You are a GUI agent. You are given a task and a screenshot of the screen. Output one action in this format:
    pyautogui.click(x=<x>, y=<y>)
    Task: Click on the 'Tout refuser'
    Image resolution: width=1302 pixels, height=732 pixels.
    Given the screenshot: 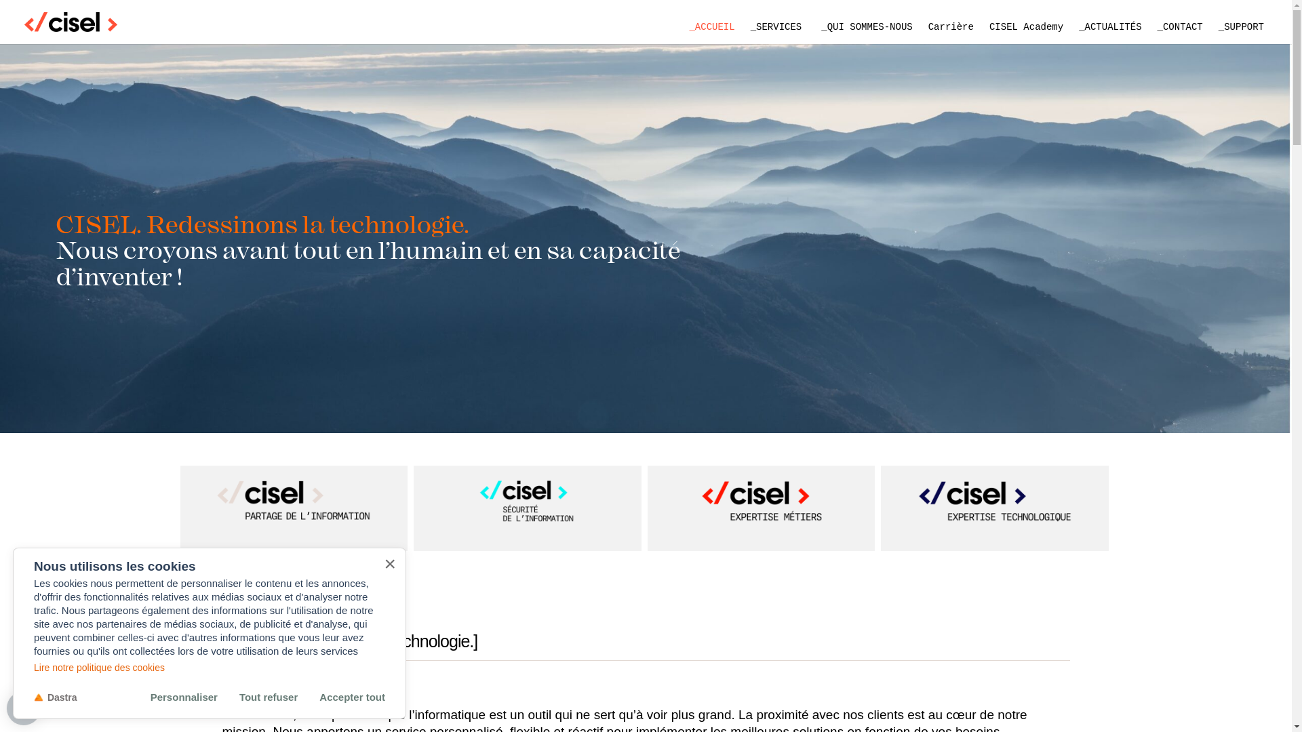 What is the action you would take?
    pyautogui.click(x=268, y=696)
    